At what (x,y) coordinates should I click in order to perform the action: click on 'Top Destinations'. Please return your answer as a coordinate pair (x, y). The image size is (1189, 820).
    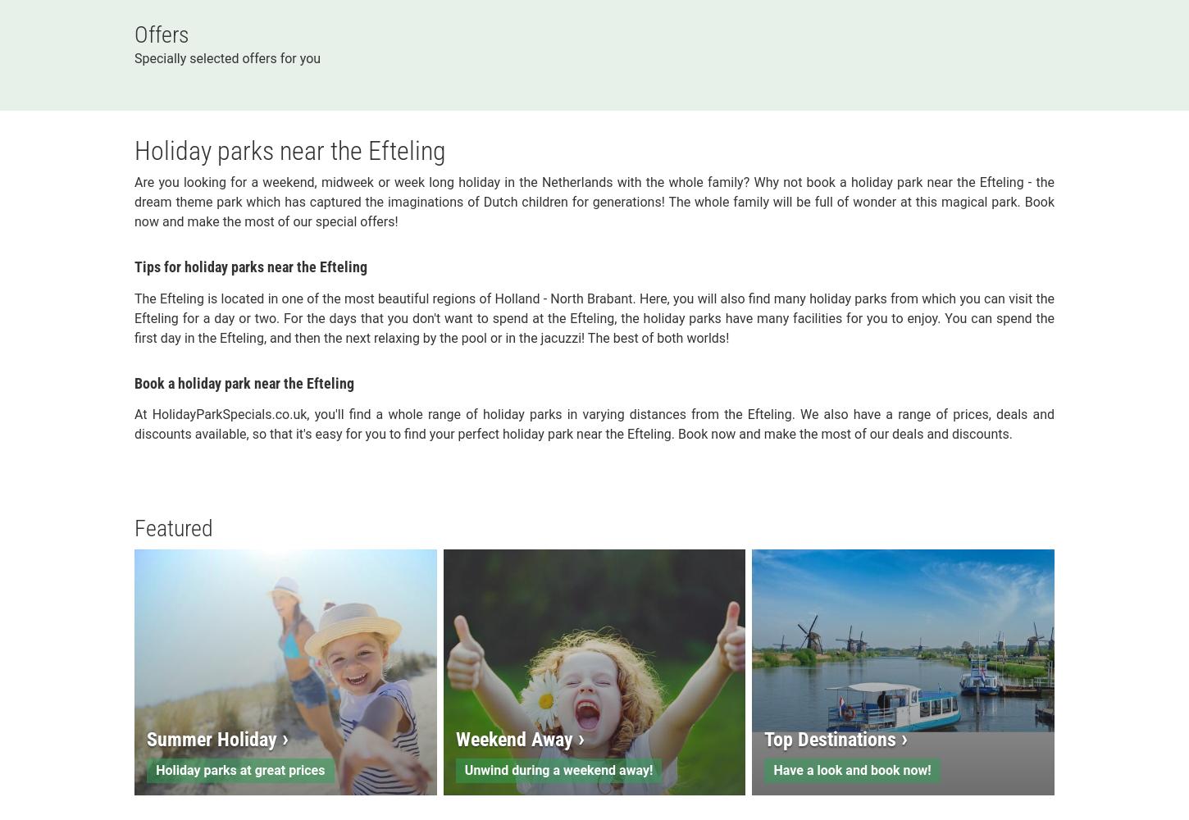
    Looking at the image, I should click on (832, 739).